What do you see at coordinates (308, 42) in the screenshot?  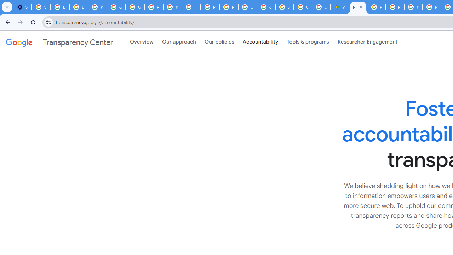 I see `'Tools & programs'` at bounding box center [308, 42].